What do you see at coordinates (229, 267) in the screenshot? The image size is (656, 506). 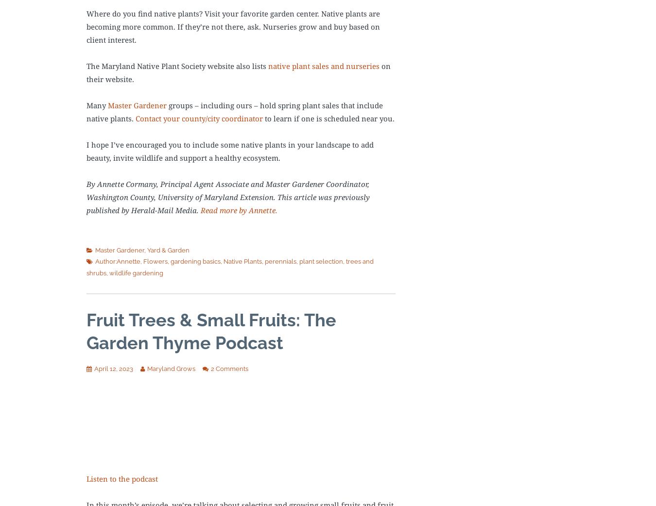 I see `'trees and shrubs'` at bounding box center [229, 267].